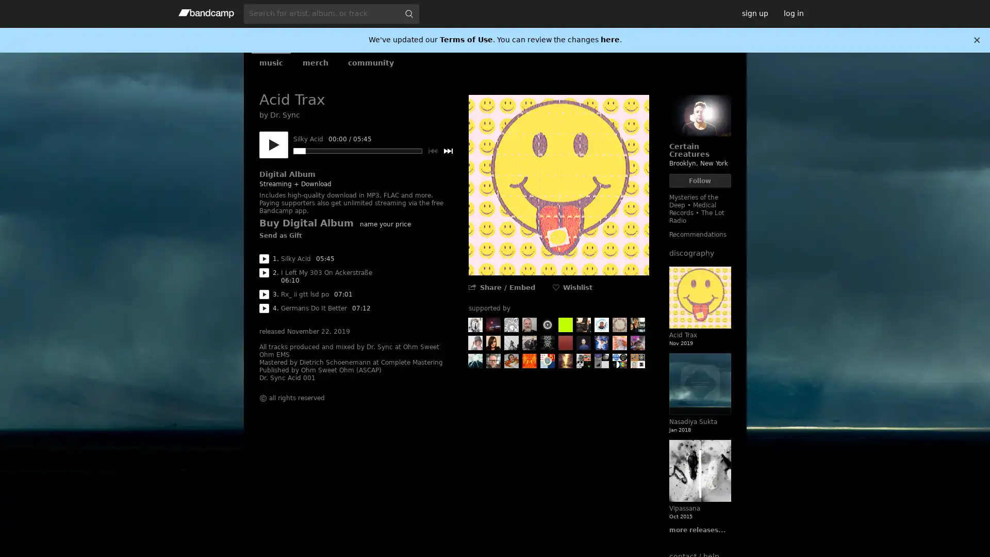  Describe the element at coordinates (263, 307) in the screenshot. I see `Play Germans Do It Better` at that location.